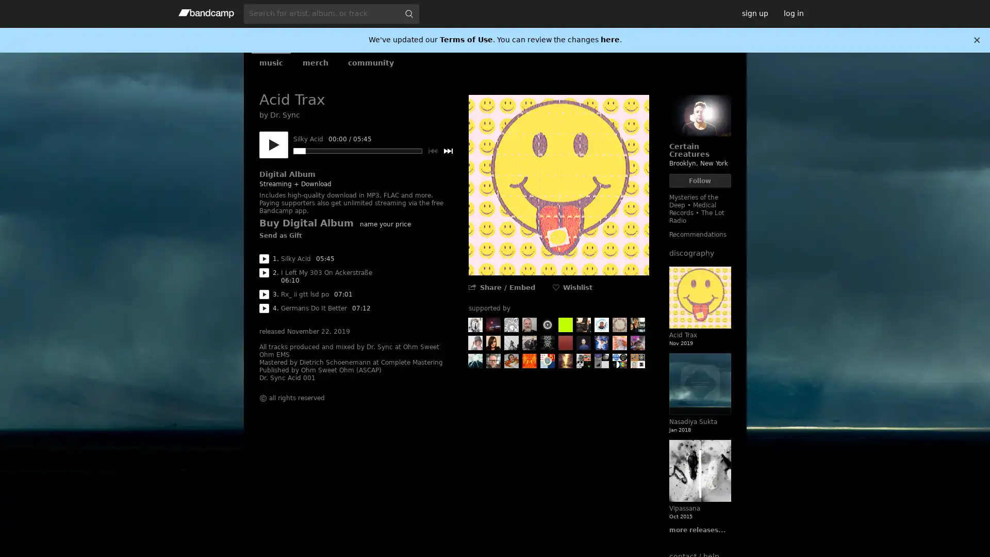  Describe the element at coordinates (263, 307) in the screenshot. I see `Play Germans Do It Better` at that location.